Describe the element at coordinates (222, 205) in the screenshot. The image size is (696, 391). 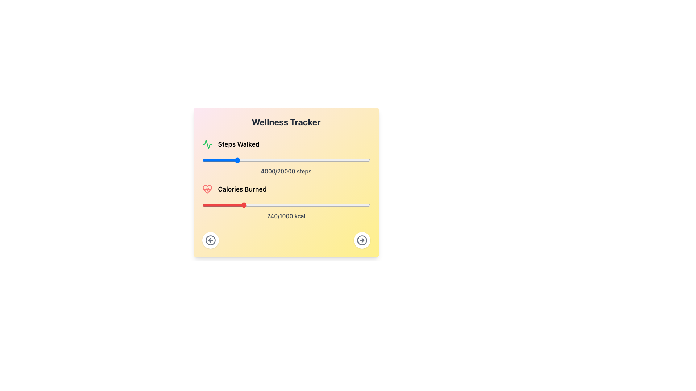
I see `calories burned slider` at that location.